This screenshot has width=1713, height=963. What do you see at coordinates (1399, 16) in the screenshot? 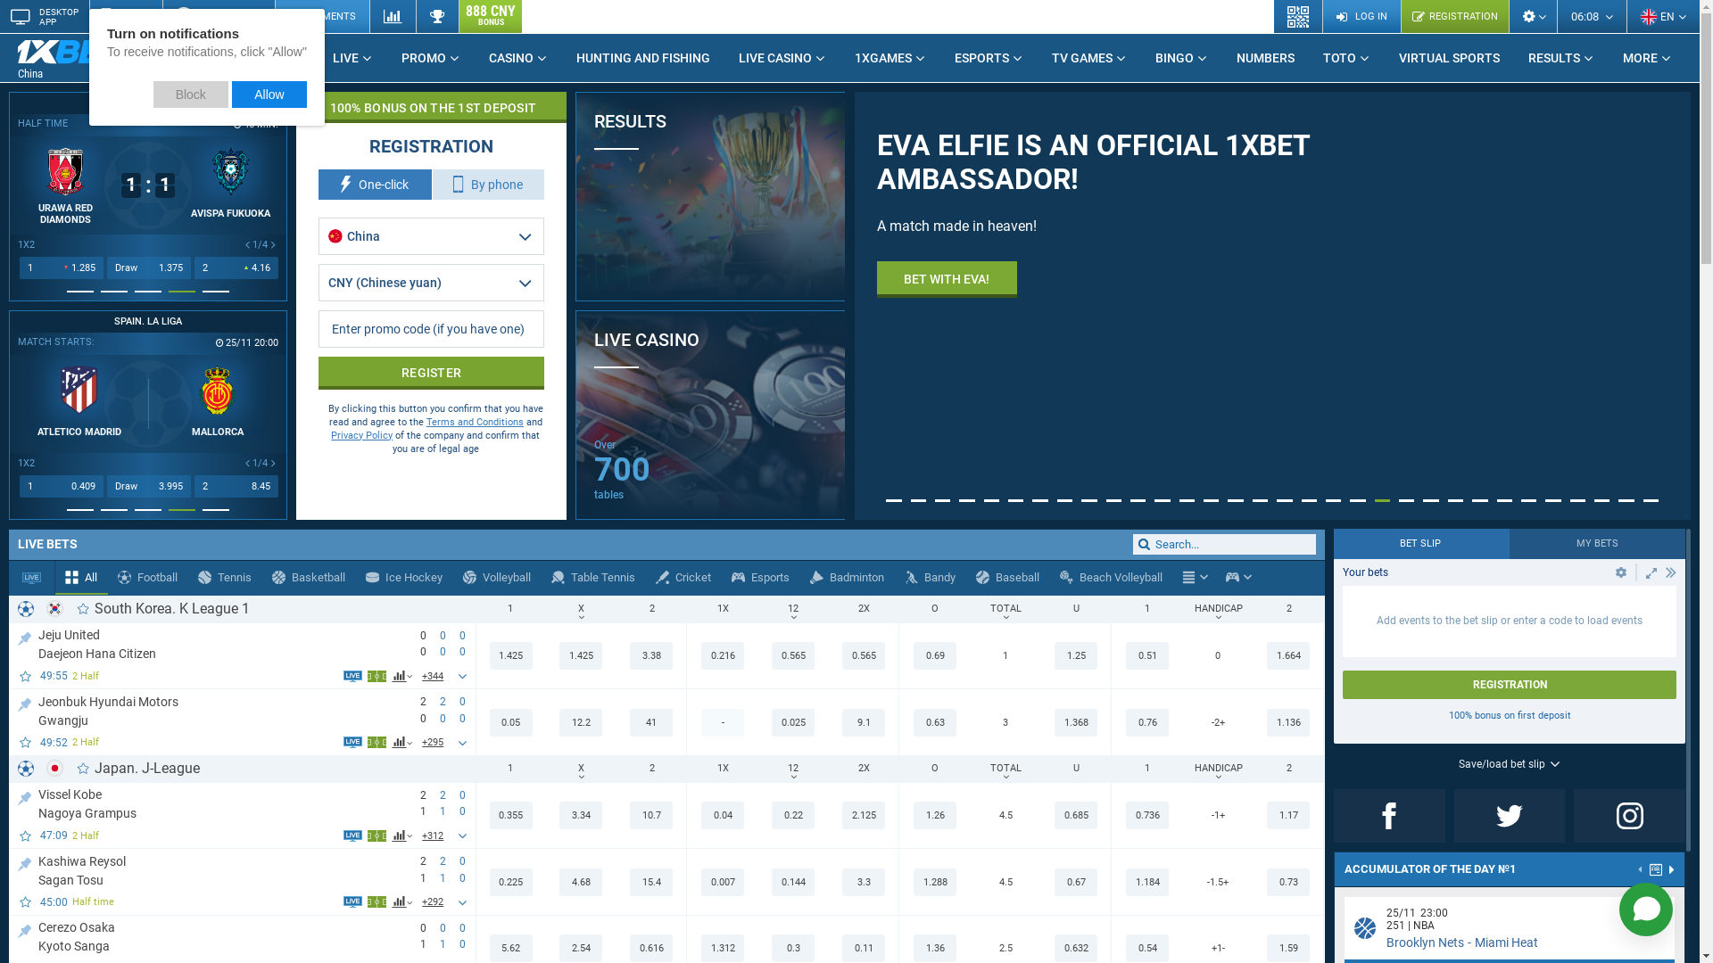
I see `'REGISTRATION'` at bounding box center [1399, 16].